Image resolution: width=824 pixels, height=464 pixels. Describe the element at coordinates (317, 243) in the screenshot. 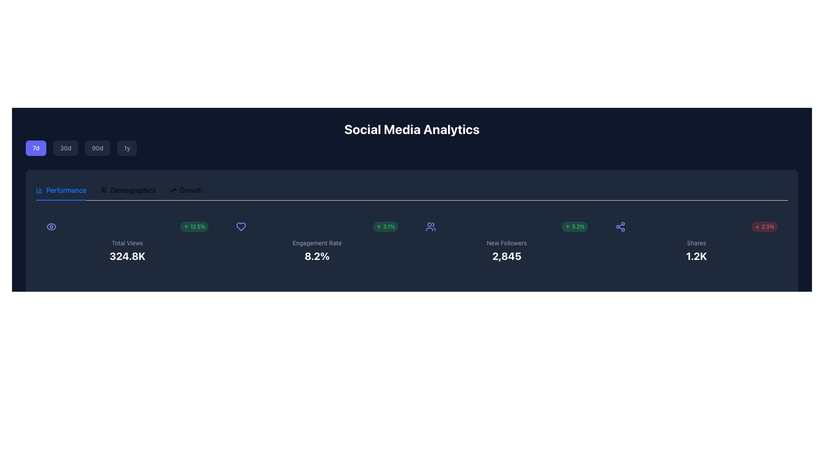

I see `the 'Engagement Rate' text label, which is displayed in small, gray font, located below the number '8.2%' and above a horizontal divider in the dark-themed card UI` at that location.